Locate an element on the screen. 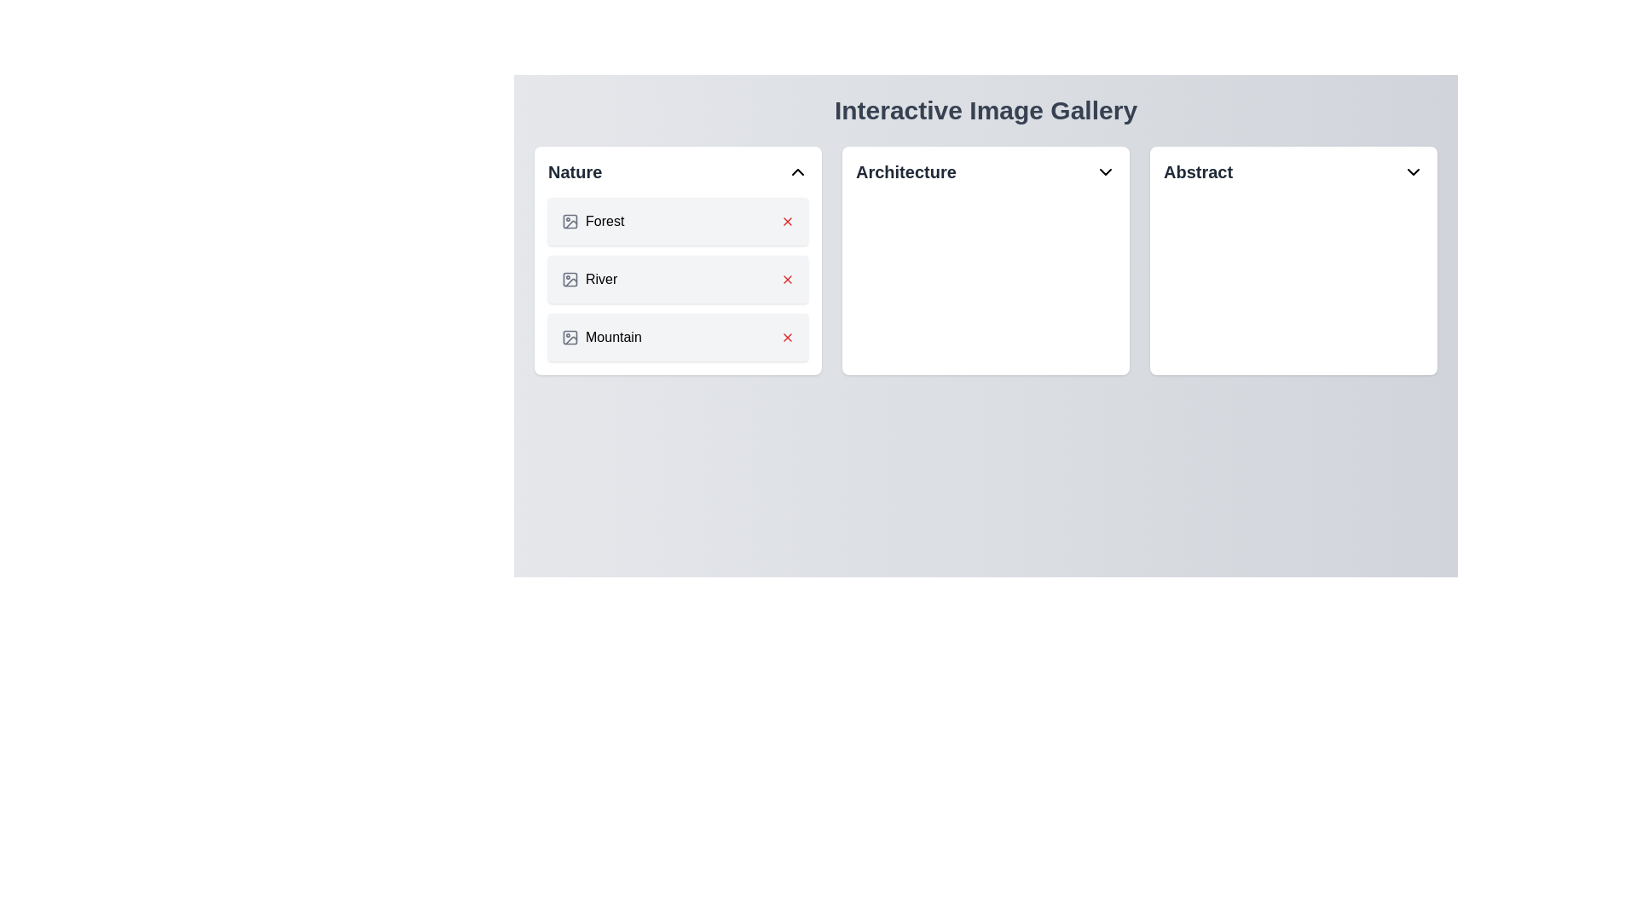 The image size is (1637, 921). the third item in the 'Nature' category list, which represents the 'Mountain' option is located at coordinates (601, 338).